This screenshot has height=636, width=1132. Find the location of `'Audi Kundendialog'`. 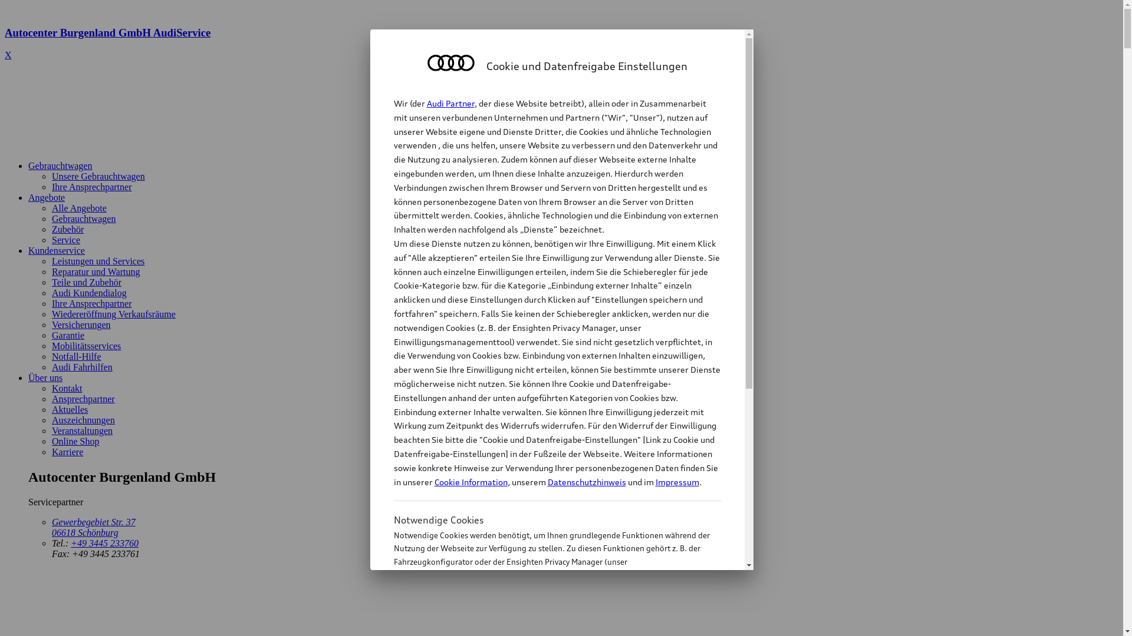

'Audi Kundendialog' is located at coordinates (88, 292).